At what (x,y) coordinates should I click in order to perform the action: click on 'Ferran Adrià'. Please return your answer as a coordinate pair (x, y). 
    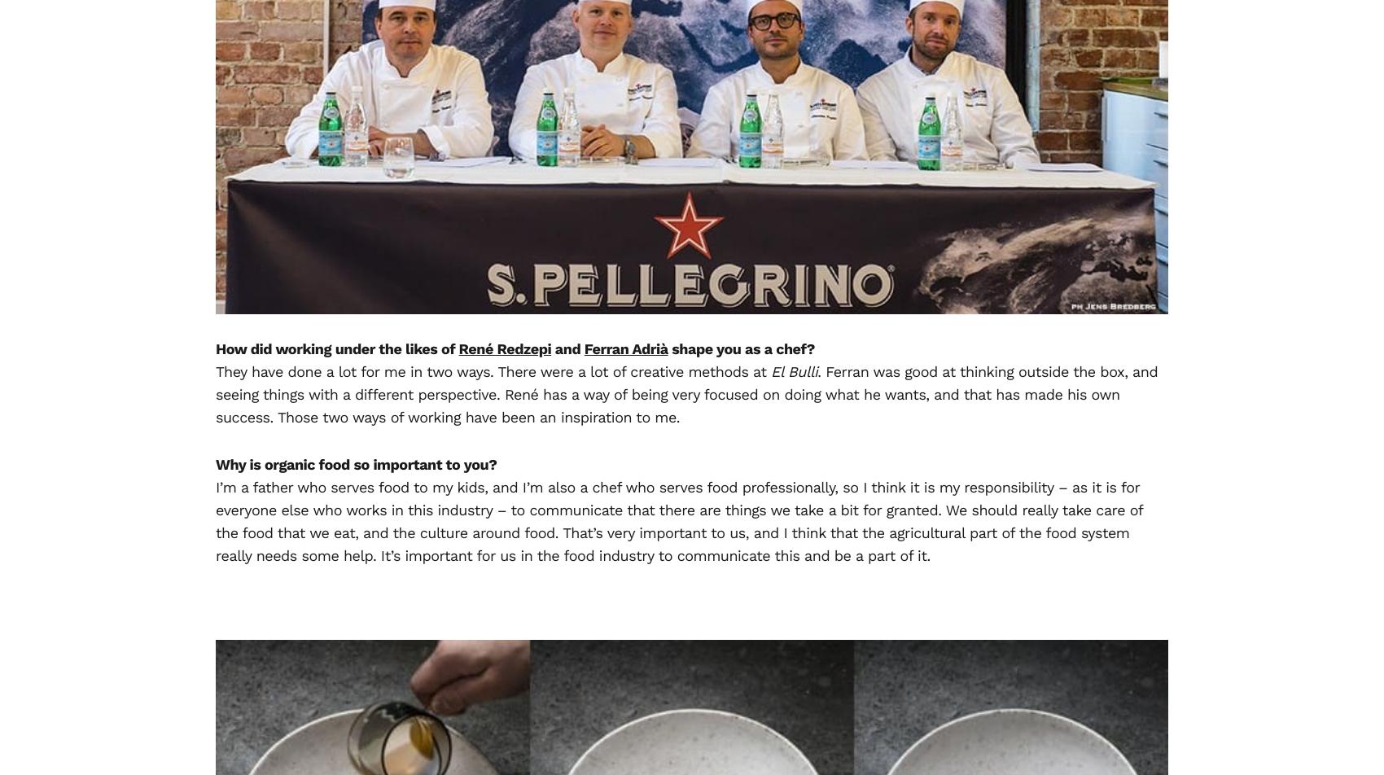
    Looking at the image, I should click on (624, 348).